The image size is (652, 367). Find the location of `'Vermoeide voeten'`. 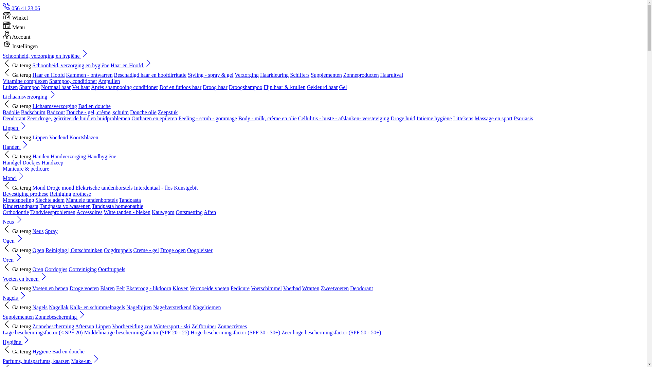

'Vermoeide voeten' is located at coordinates (189, 288).